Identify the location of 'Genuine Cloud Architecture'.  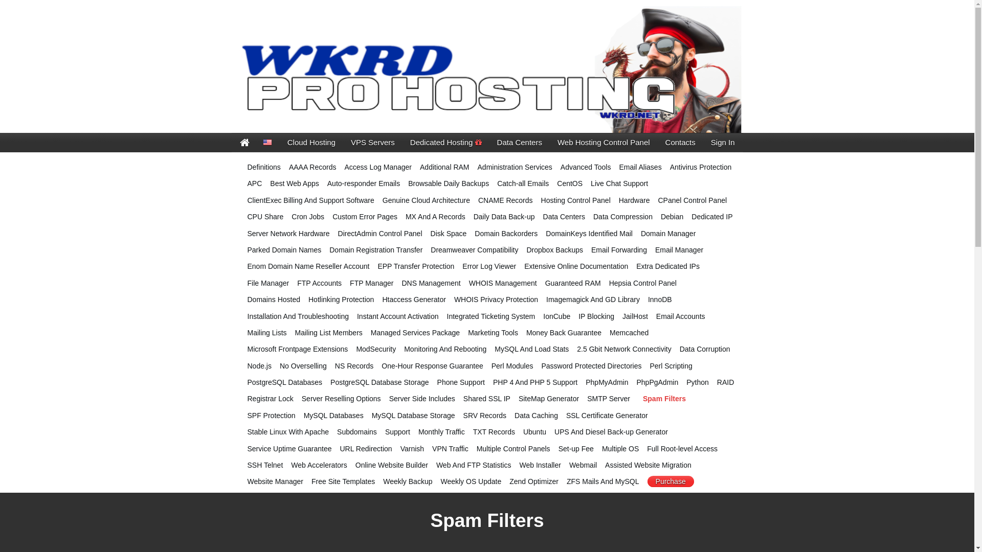
(426, 200).